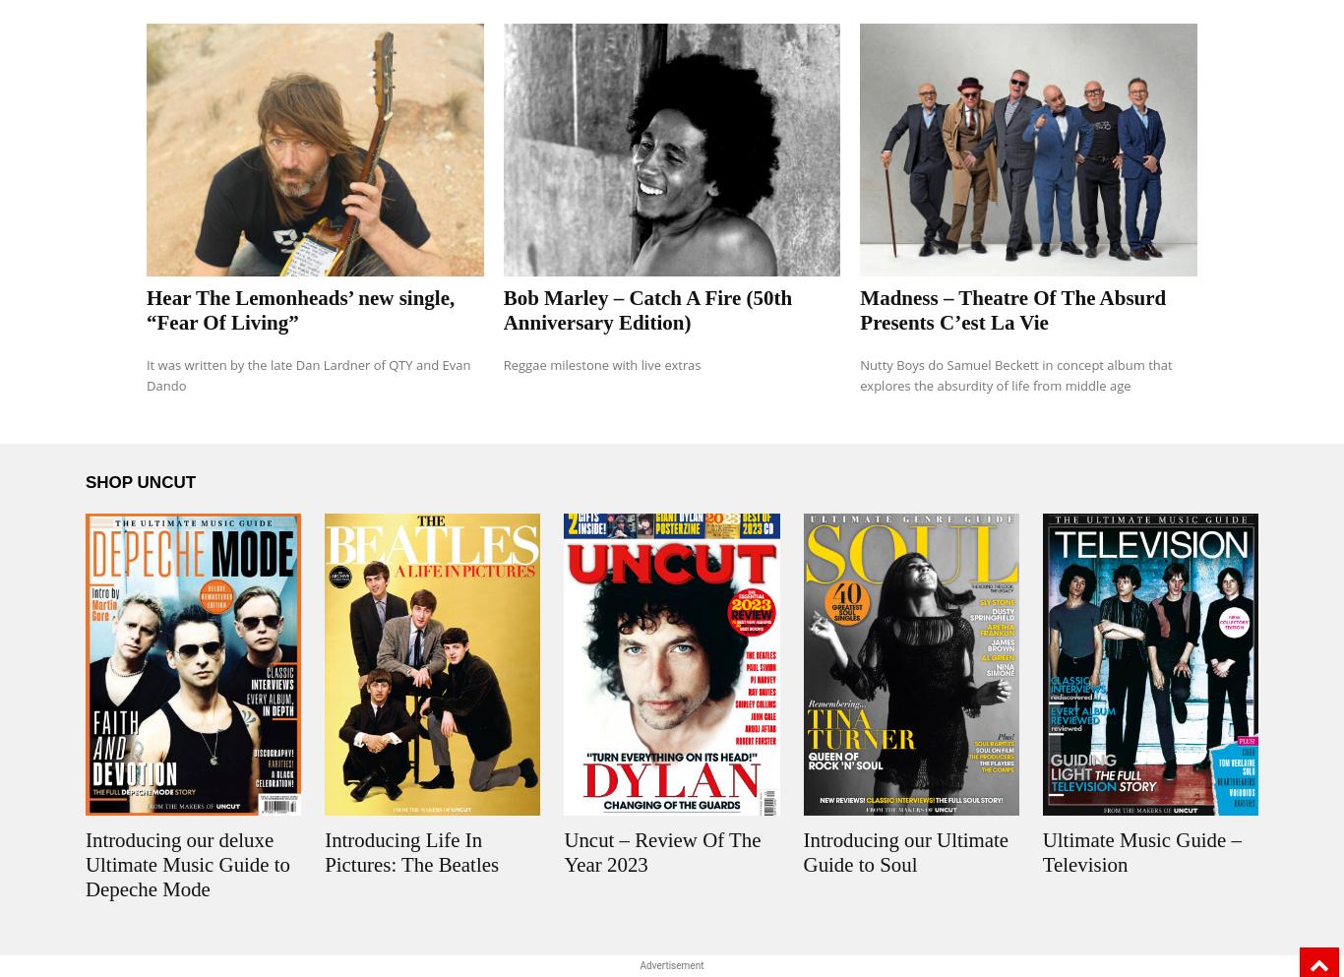 The image size is (1344, 977). I want to click on 'Introducing Life In Pictures: The Beatles', so click(410, 851).